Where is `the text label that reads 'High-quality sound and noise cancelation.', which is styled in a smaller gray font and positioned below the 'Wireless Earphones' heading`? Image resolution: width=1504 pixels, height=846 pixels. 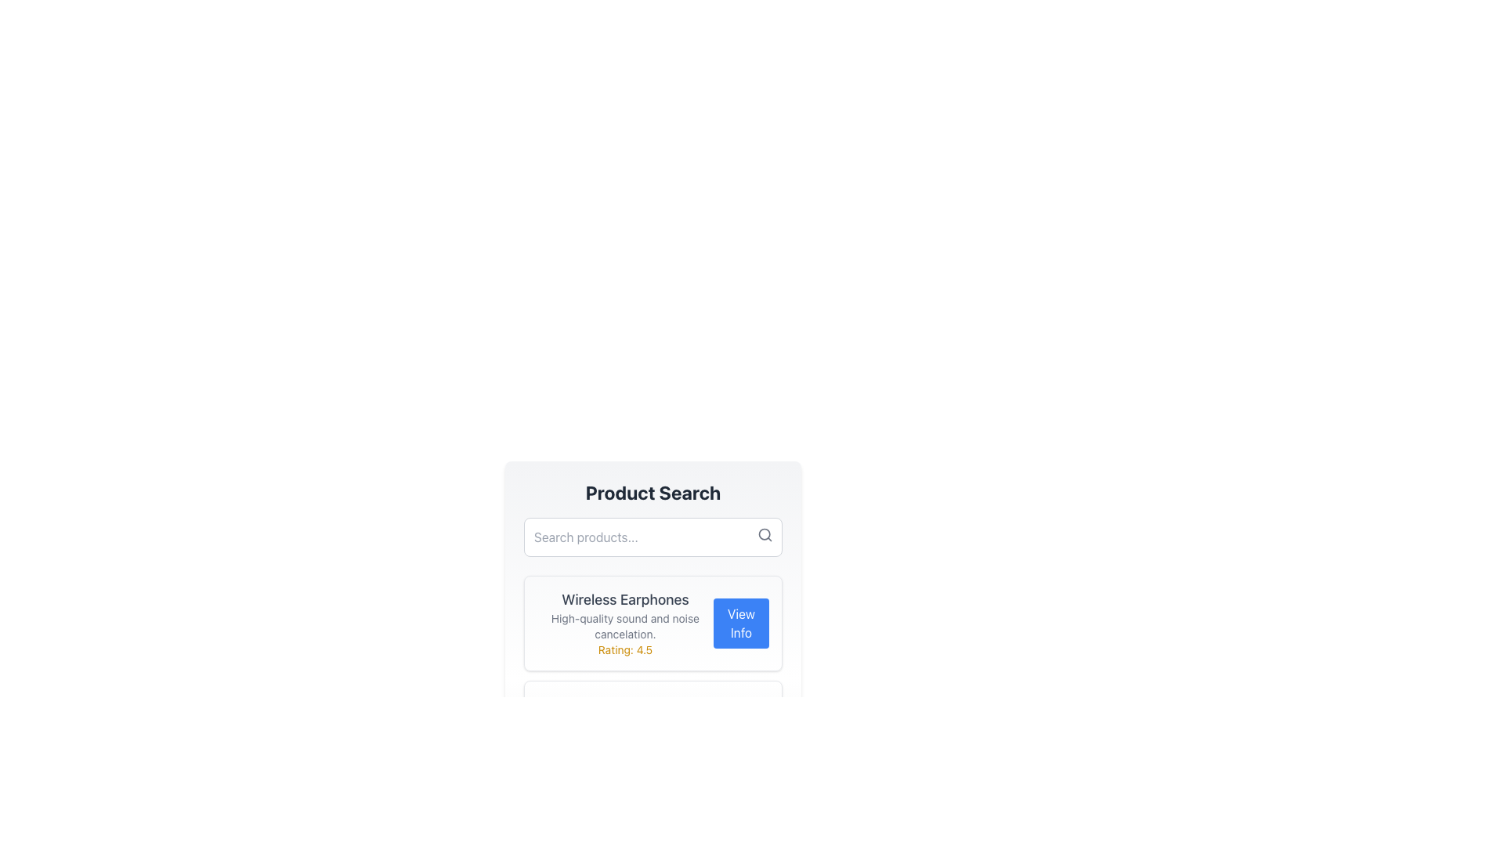
the text label that reads 'High-quality sound and noise cancelation.', which is styled in a smaller gray font and positioned below the 'Wireless Earphones' heading is located at coordinates (624, 625).